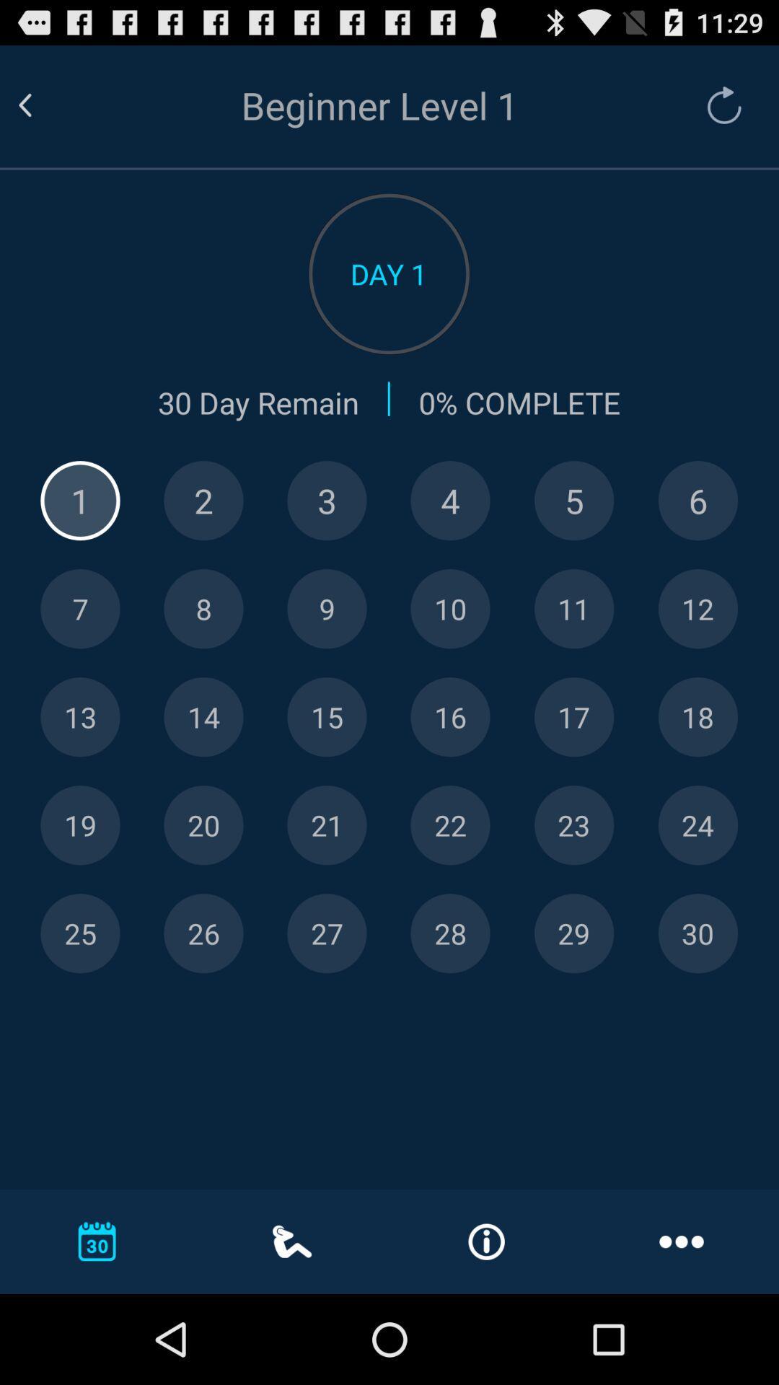 This screenshot has height=1385, width=779. I want to click on specific day, so click(203, 825).